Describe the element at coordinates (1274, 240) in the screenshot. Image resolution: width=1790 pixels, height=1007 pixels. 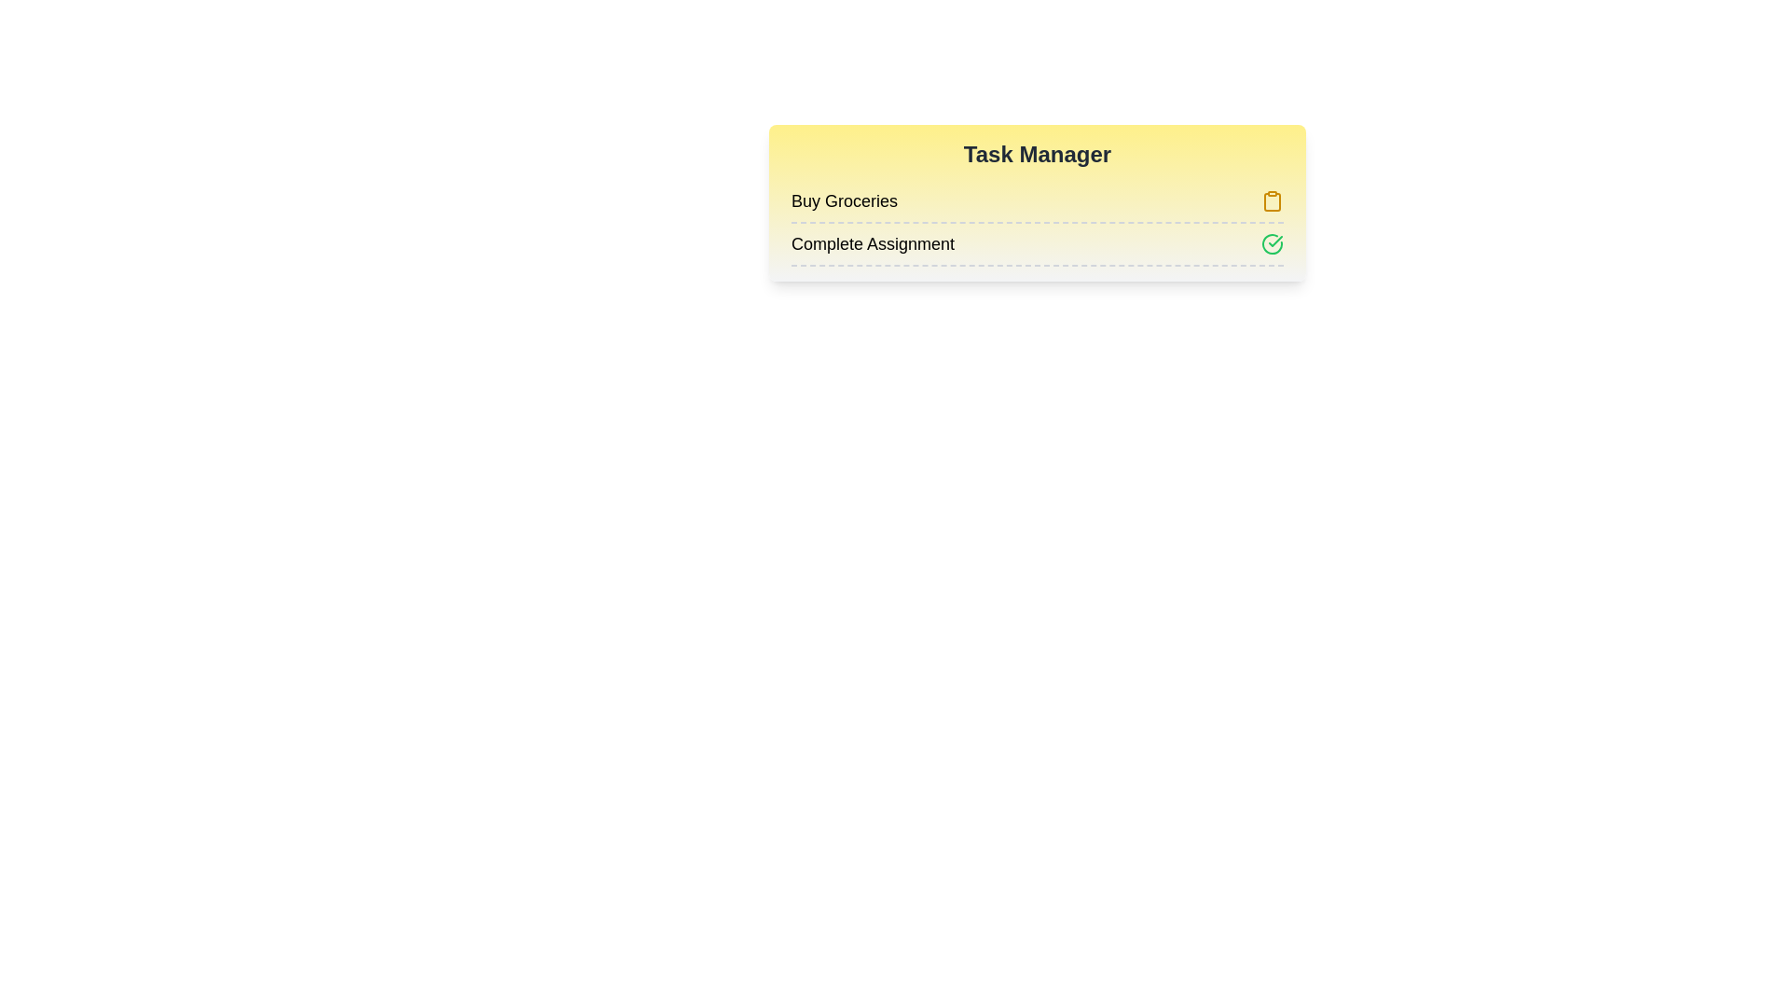
I see `the checkmark icon within a circle that indicates the completion status of the second task labeled 'Complete Assignment' in the Task Manager interface` at that location.